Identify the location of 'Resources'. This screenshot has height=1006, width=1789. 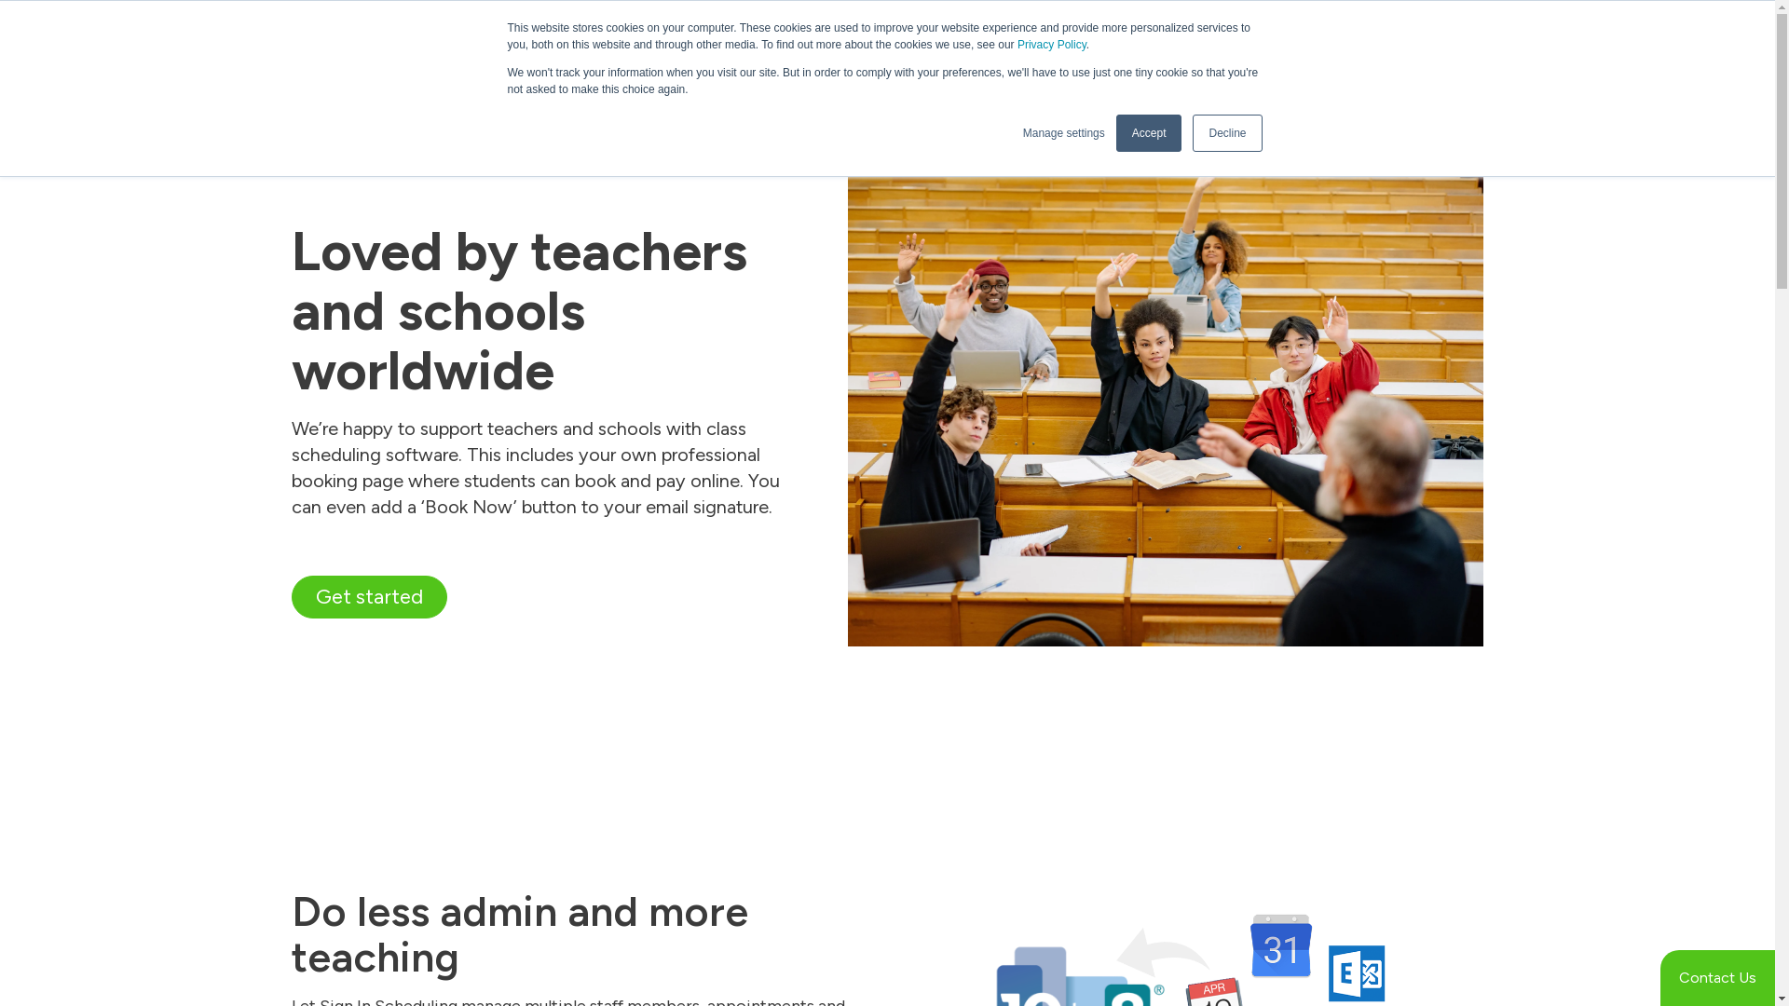
(1105, 93).